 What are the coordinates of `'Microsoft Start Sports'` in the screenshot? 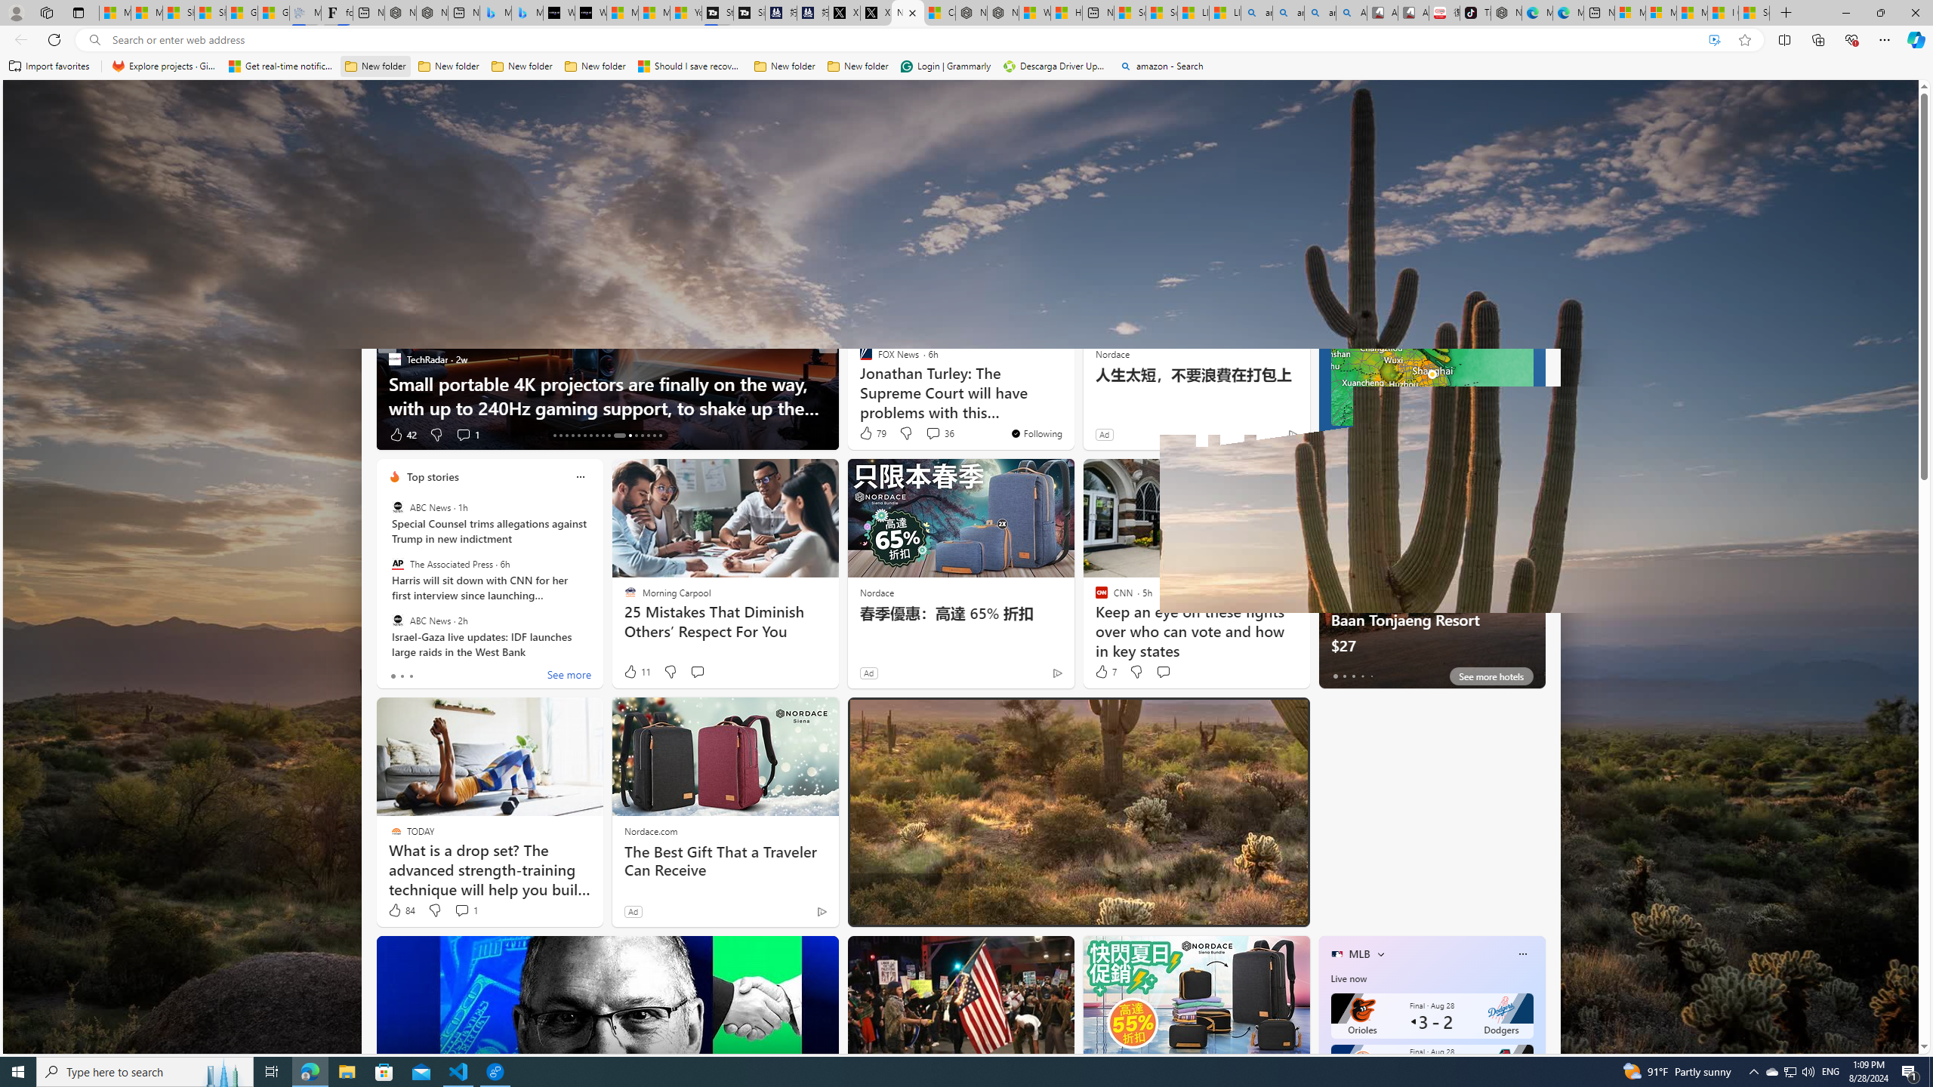 It's located at (622, 12).